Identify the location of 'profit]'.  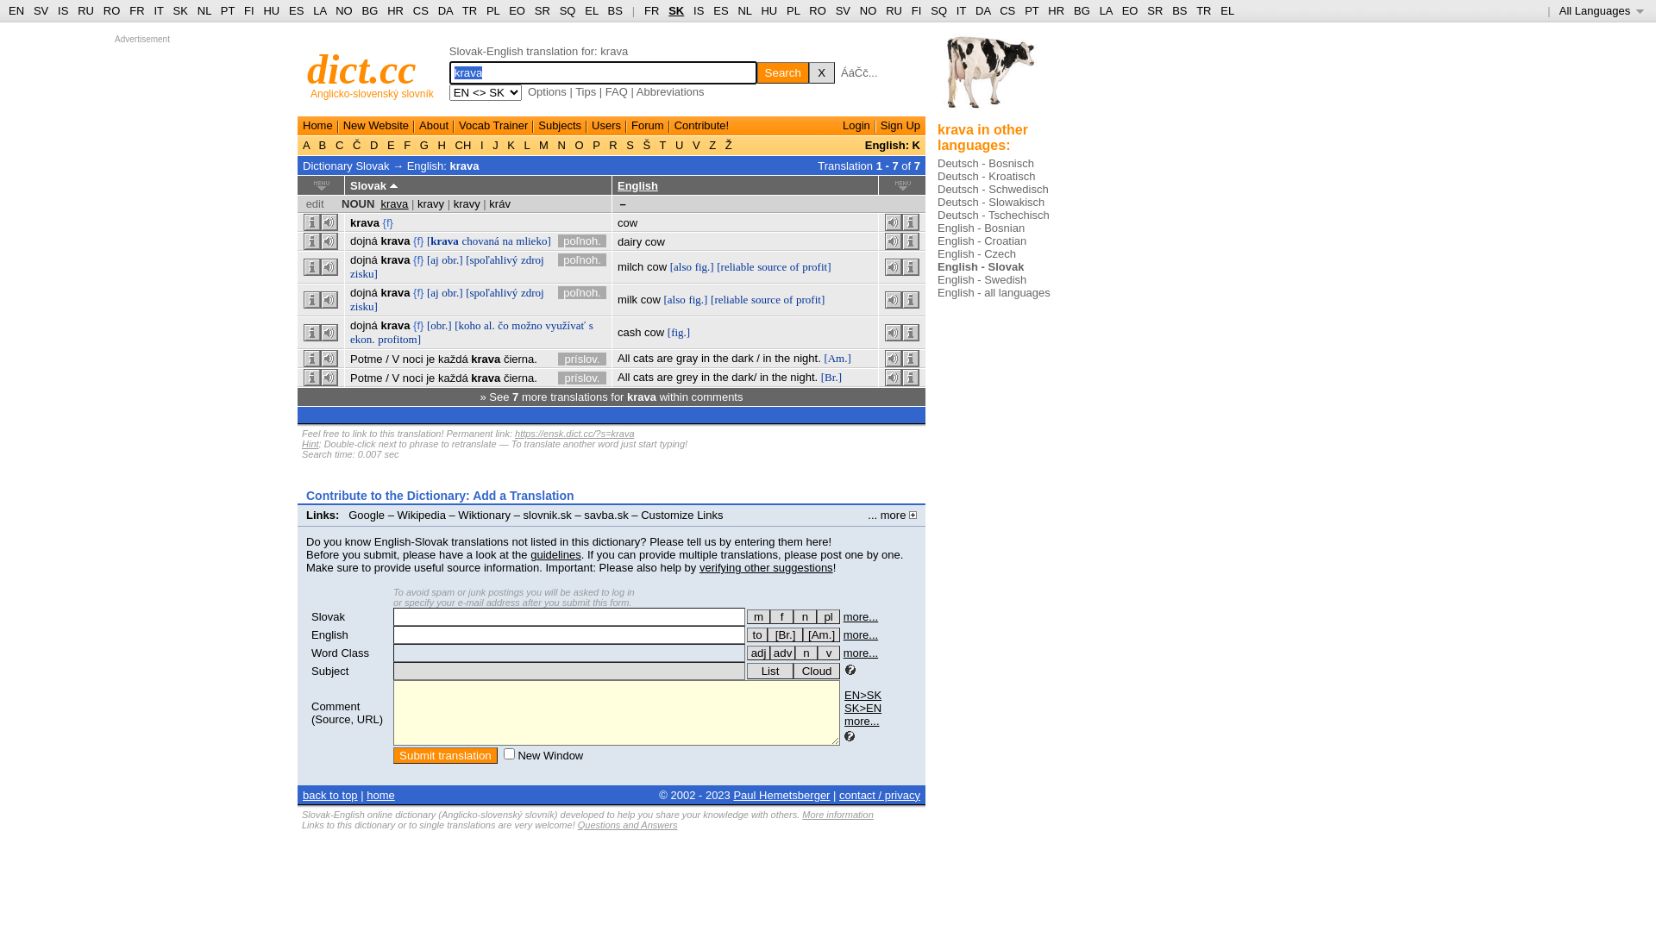
(815, 266).